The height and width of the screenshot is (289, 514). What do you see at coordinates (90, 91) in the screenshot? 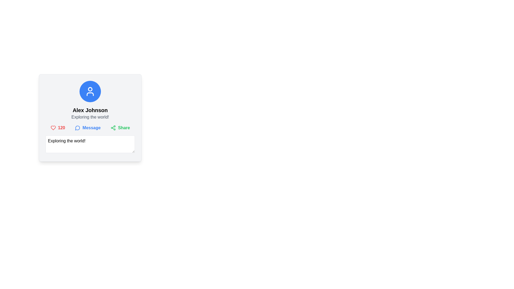
I see `the user silhouette icon with a blue background, located at the top center of the card displaying 'Alex Johnson' and 'Exploring the world!'` at bounding box center [90, 91].